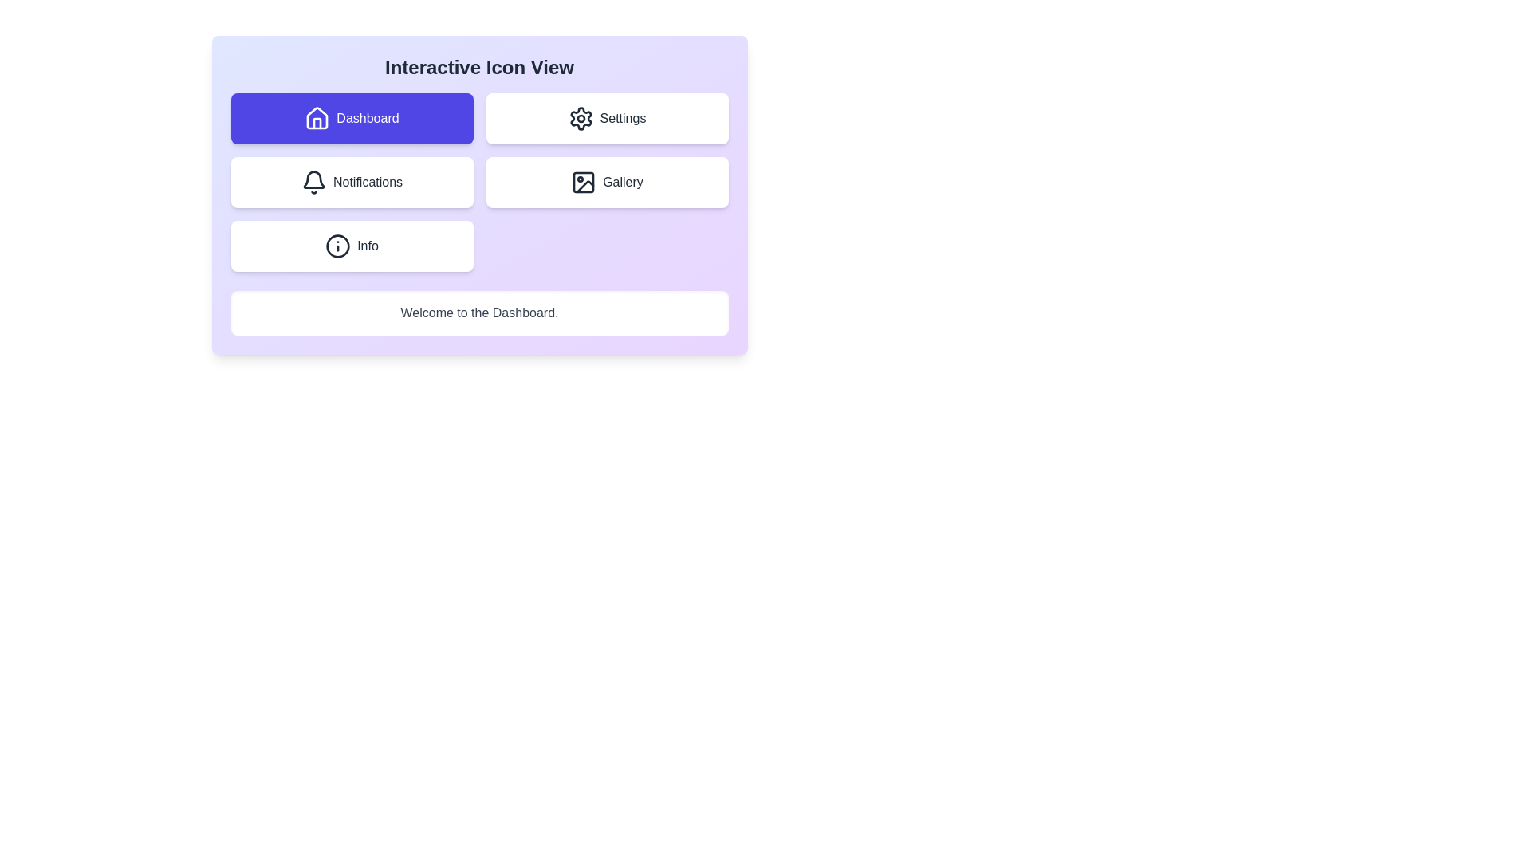  I want to click on the 'Notifications' button, which is a rounded rectangle with a bell icon and gray text, so click(351, 181).